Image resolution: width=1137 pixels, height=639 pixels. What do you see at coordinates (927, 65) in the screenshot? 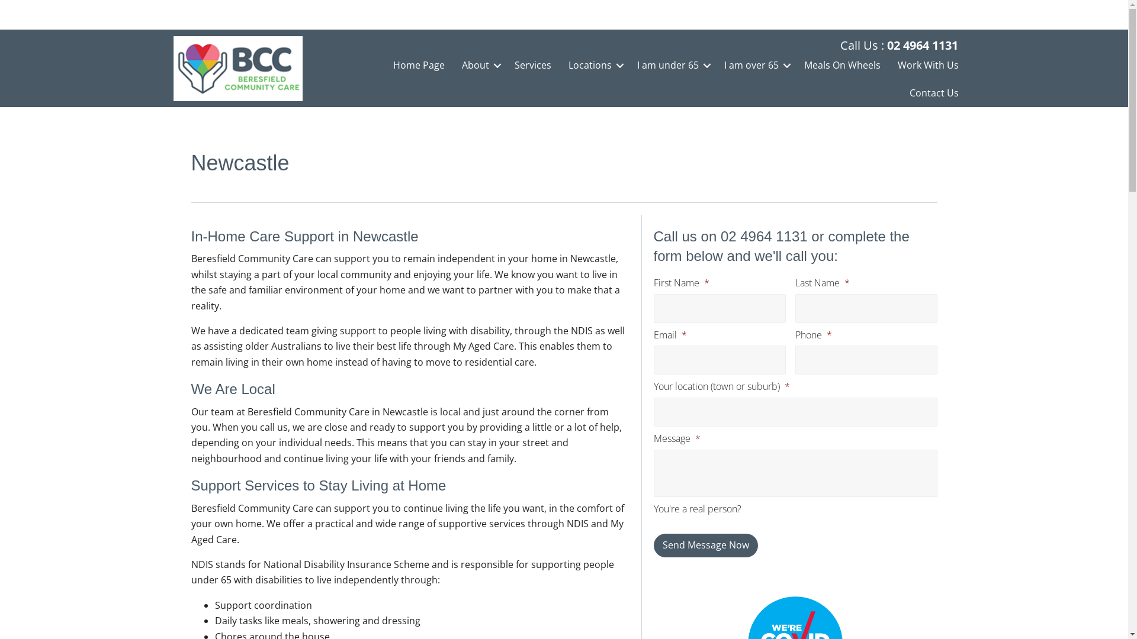
I see `'Work With Us'` at bounding box center [927, 65].